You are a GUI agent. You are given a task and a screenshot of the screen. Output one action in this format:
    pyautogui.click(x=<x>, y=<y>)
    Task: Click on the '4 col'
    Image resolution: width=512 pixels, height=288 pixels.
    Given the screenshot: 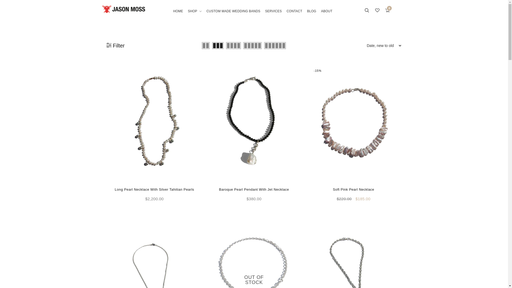 What is the action you would take?
    pyautogui.click(x=233, y=45)
    